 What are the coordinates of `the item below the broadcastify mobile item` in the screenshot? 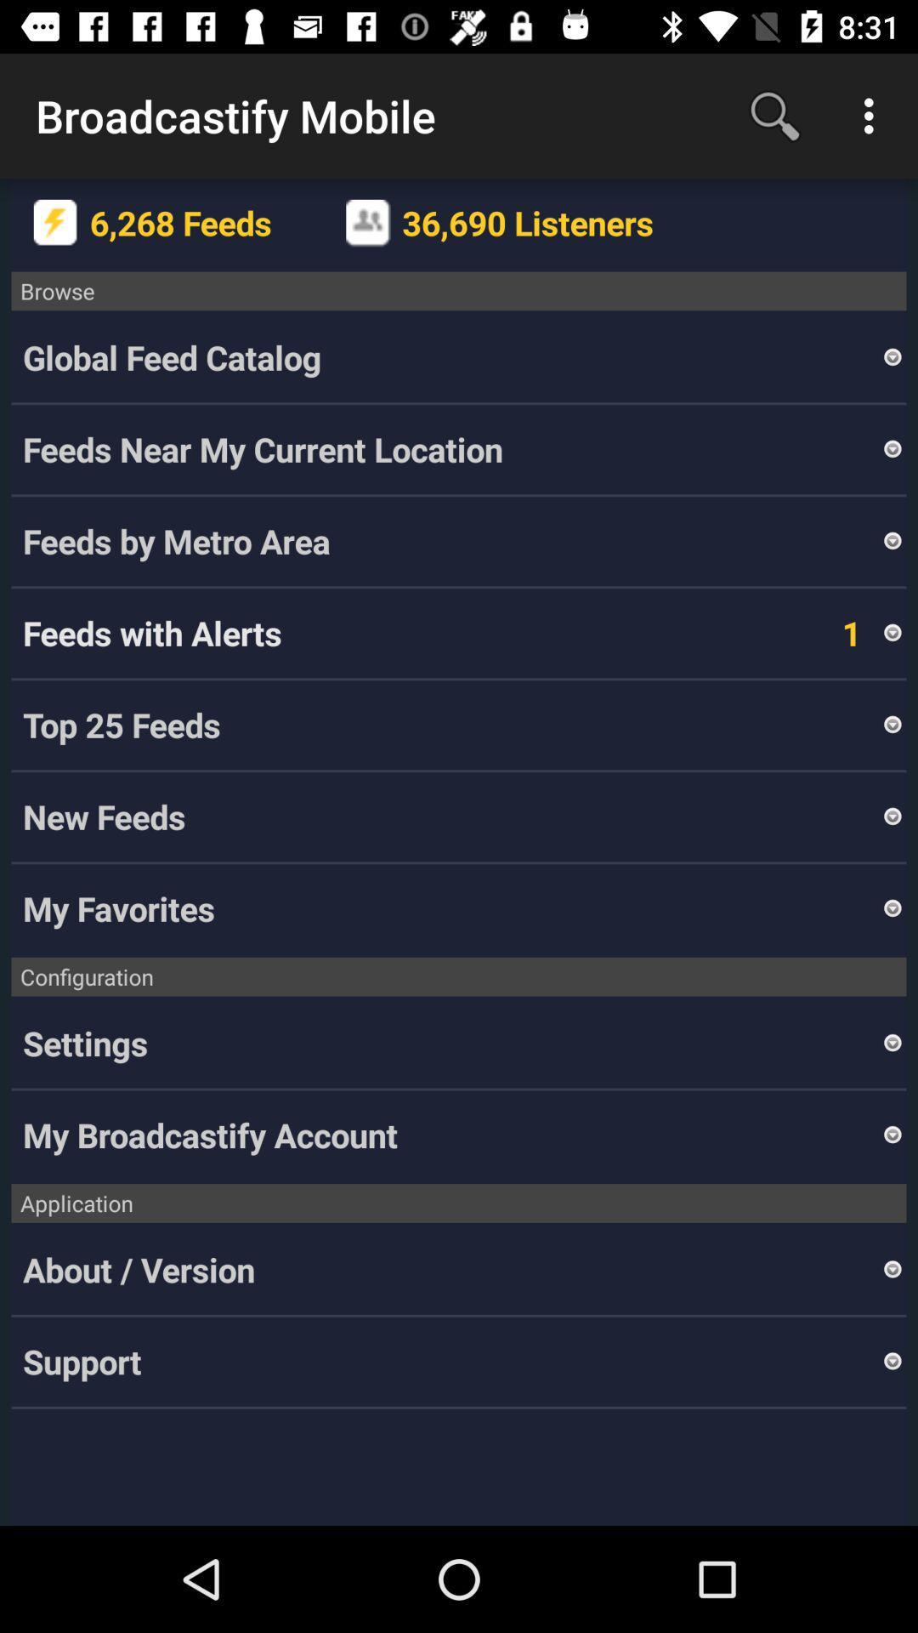 It's located at (54, 222).